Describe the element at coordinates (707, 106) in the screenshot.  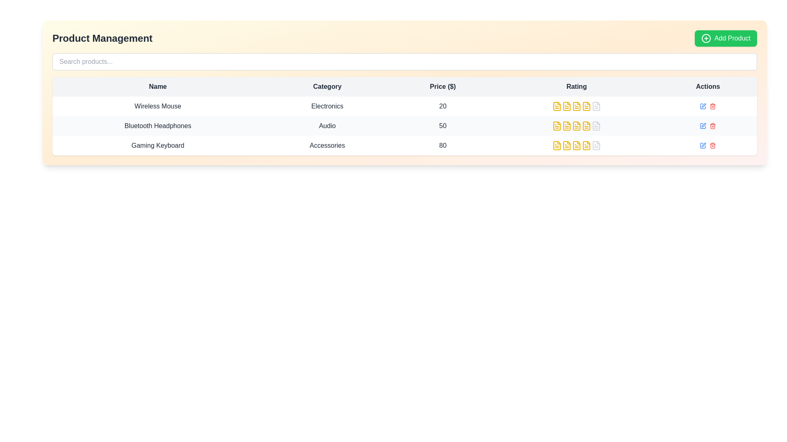
I see `the red trash can icon in the actions column of the product table` at that location.